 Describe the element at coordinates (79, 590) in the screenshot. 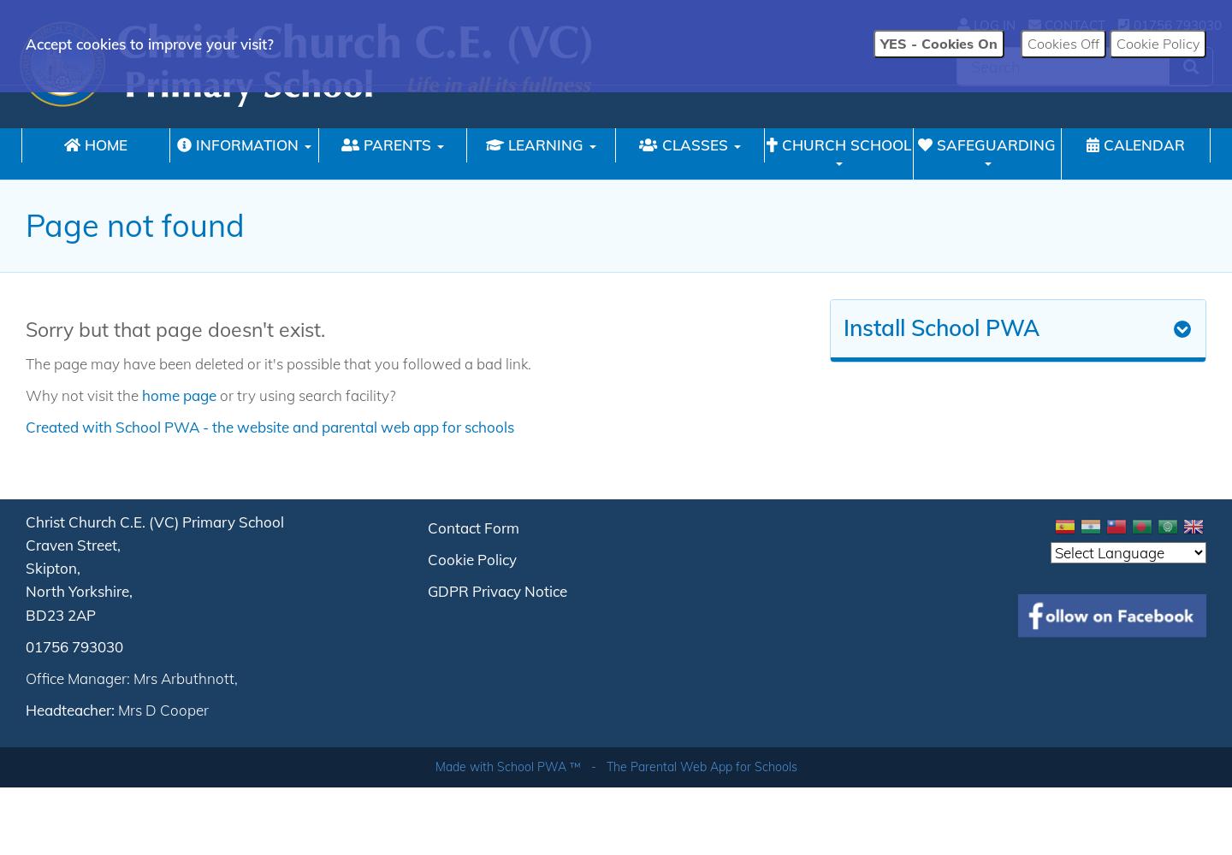

I see `'North Yorkshire,'` at that location.